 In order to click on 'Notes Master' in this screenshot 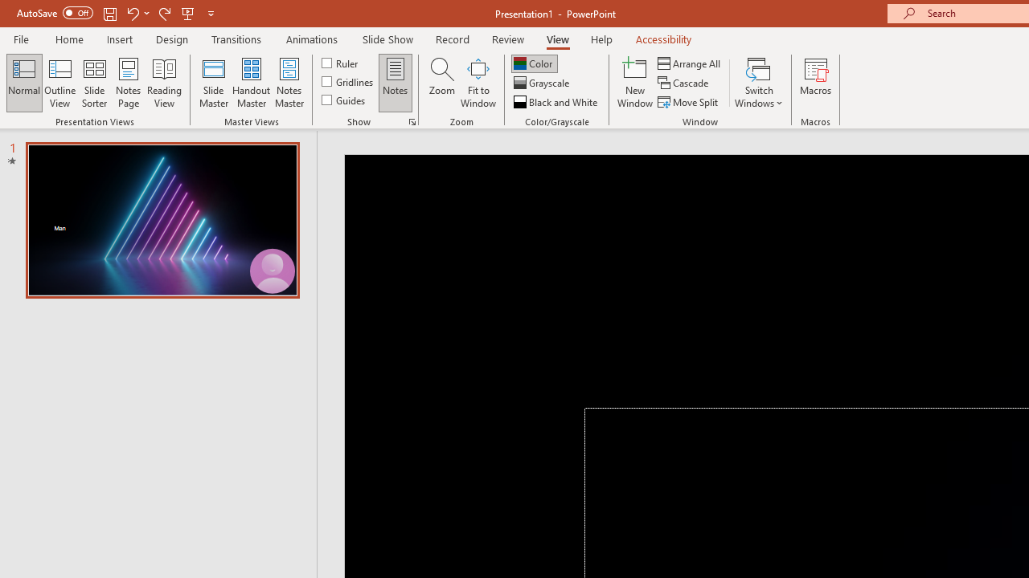, I will do `click(289, 83)`.